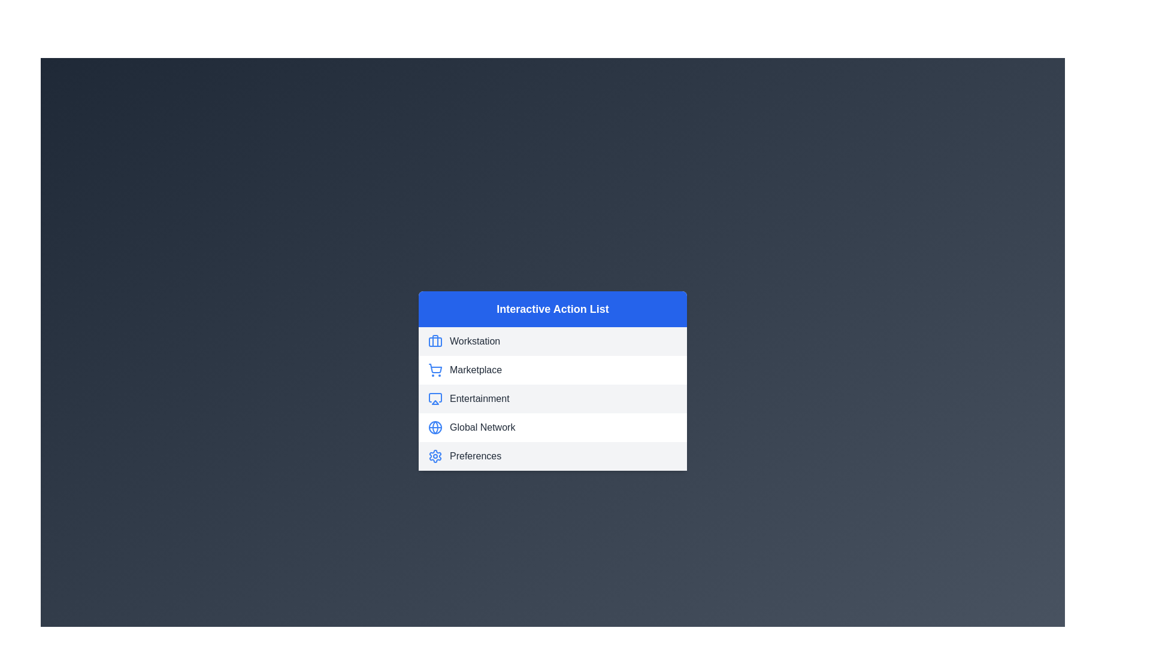 Image resolution: width=1150 pixels, height=646 pixels. I want to click on text label reading 'Preferences' located at the bottom of the vertical menu list, styled in gray and capitalized, so click(475, 456).